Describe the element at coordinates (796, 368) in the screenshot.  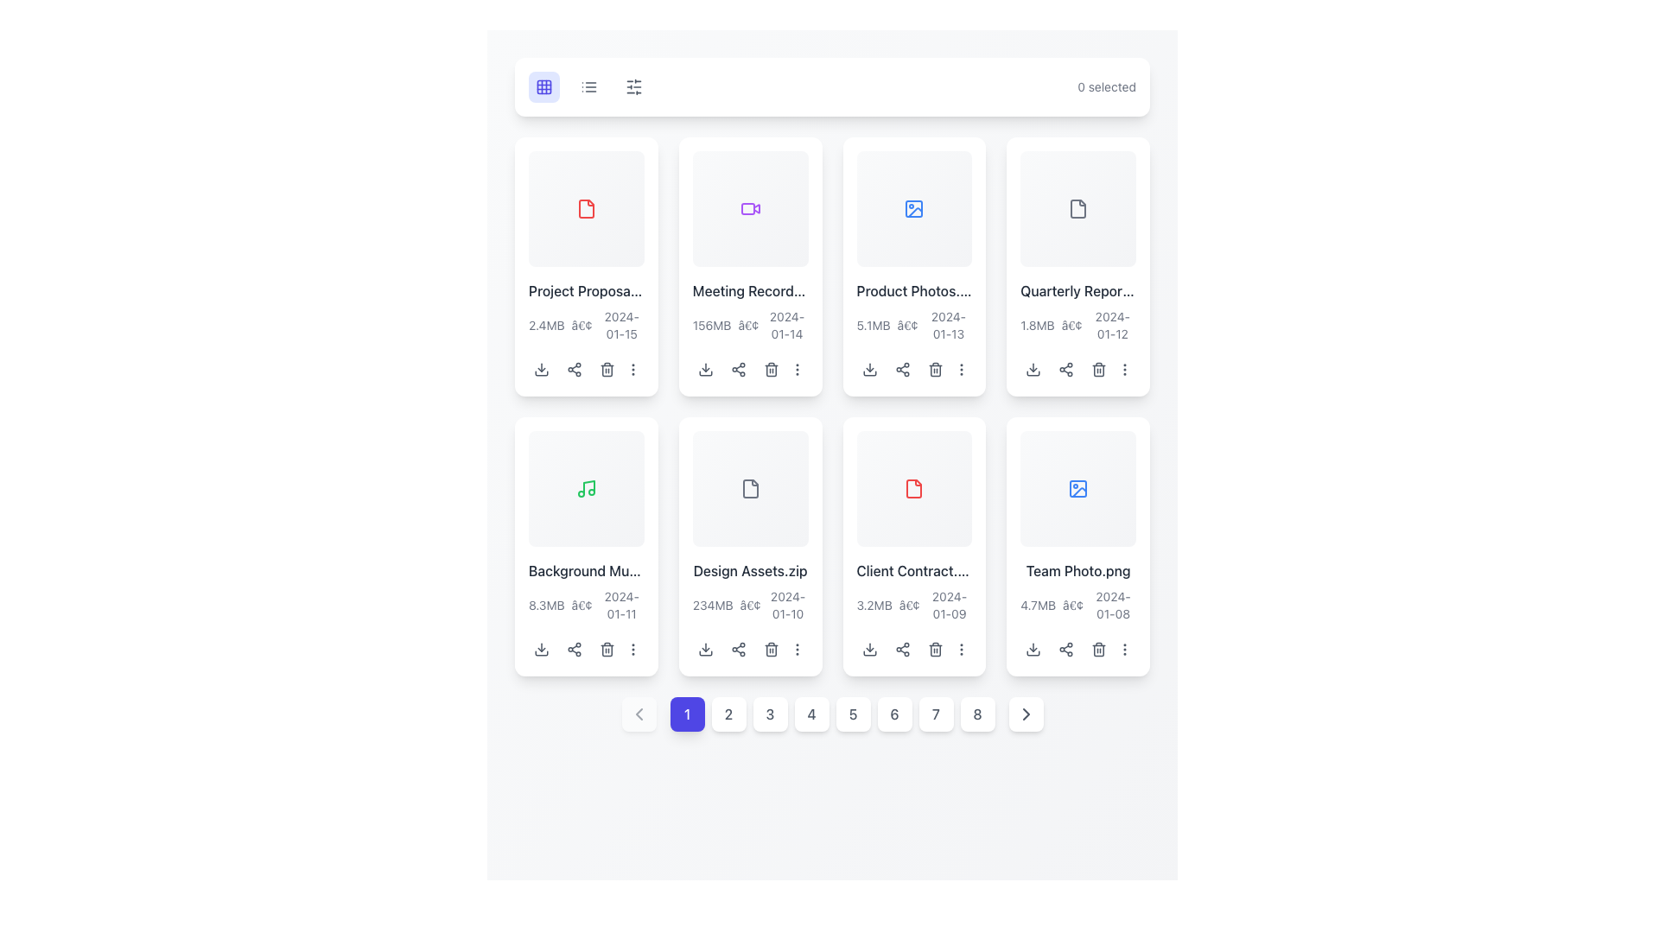
I see `the ellipsis menu button located at the top-right of the file card` at that location.